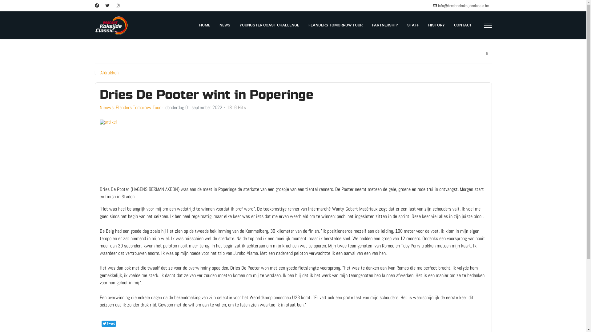 This screenshot has height=332, width=591. Describe the element at coordinates (436, 25) in the screenshot. I see `'HISTORY'` at that location.